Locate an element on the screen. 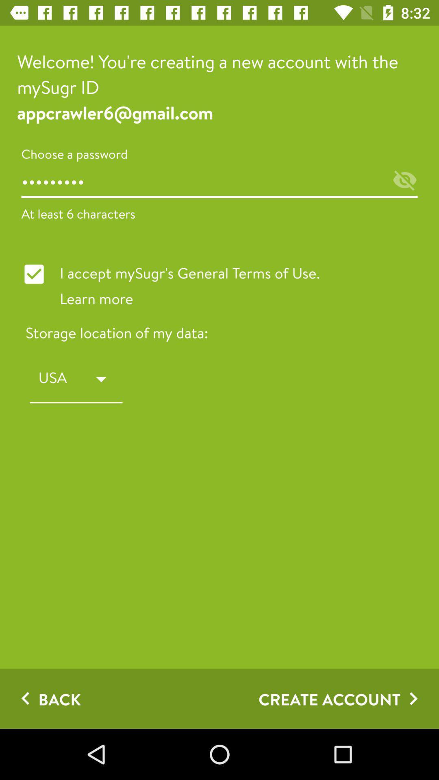 This screenshot has width=439, height=780. password not showing is located at coordinates (404, 180).